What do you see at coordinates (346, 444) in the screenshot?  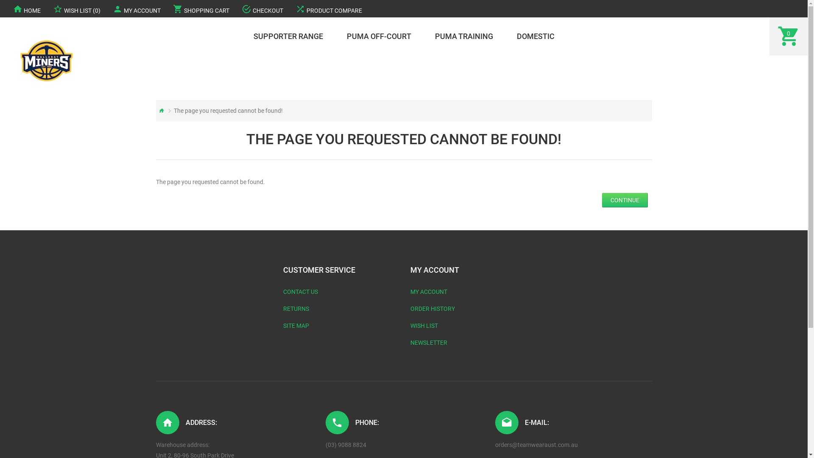 I see `'(03) 9088 8824'` at bounding box center [346, 444].